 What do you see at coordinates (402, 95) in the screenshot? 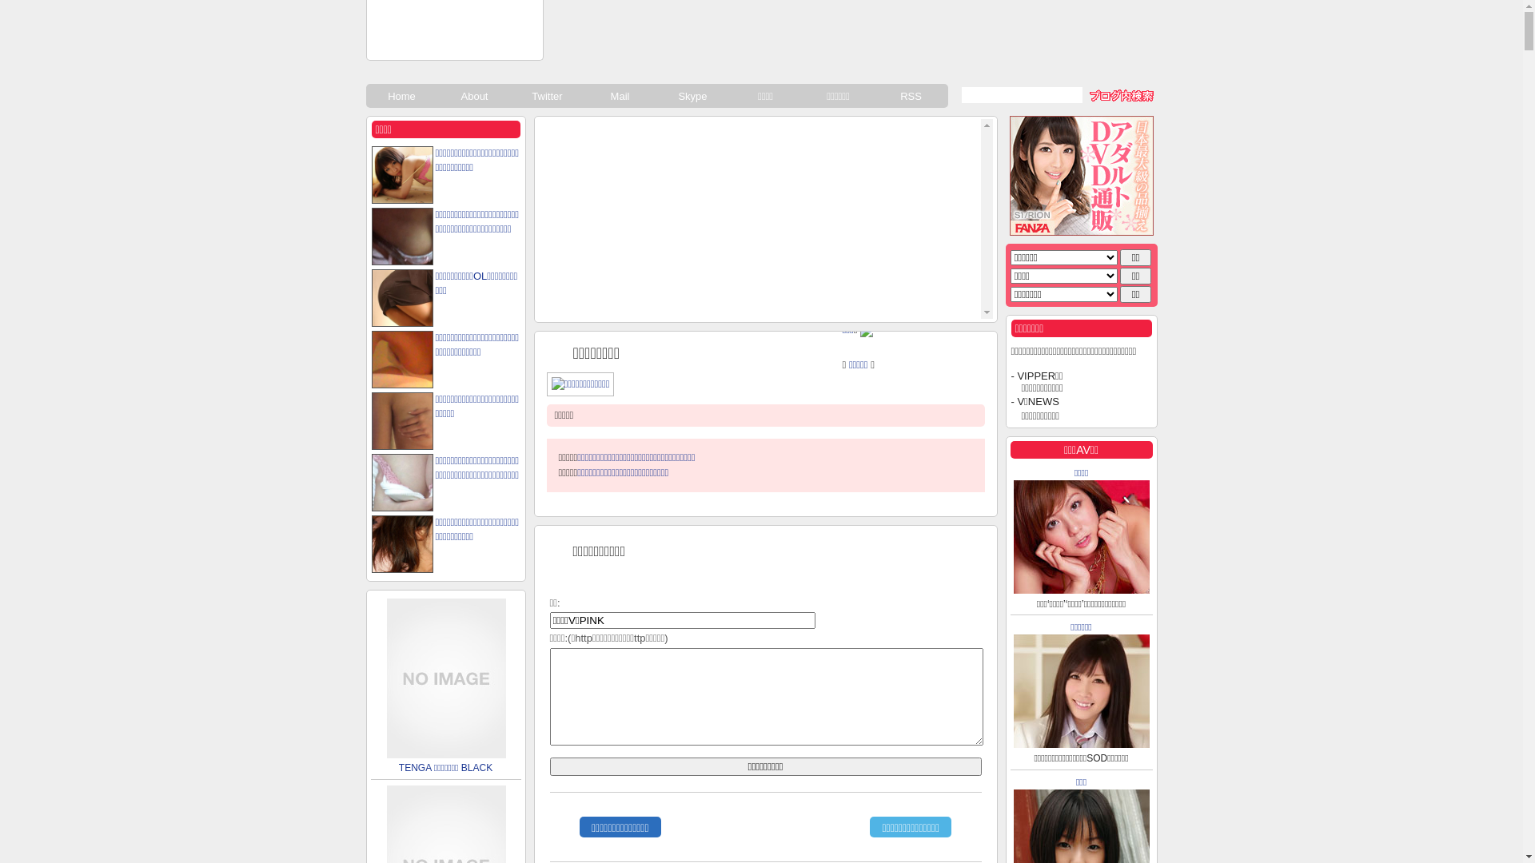
I see `'Home'` at bounding box center [402, 95].